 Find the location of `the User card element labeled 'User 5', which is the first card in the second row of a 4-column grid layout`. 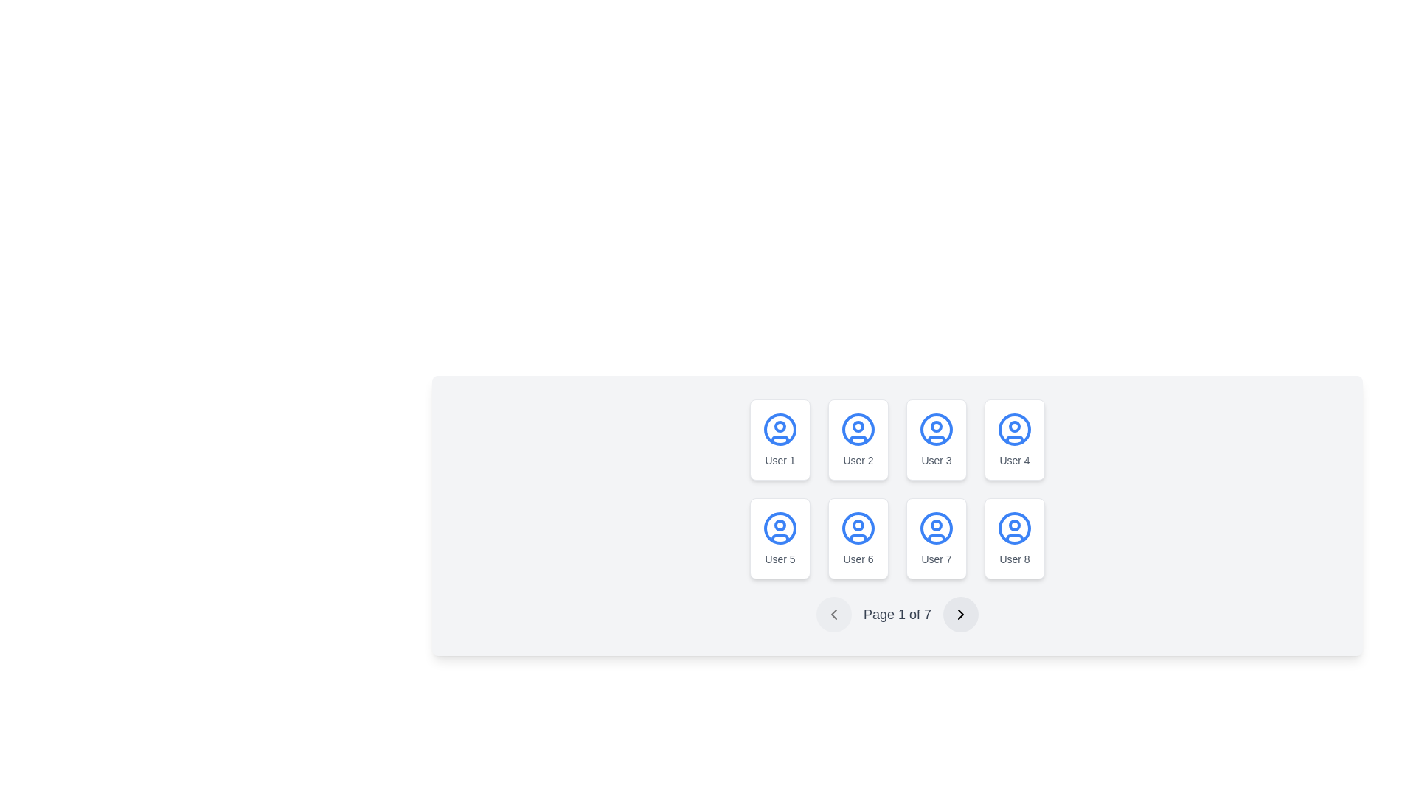

the User card element labeled 'User 5', which is the first card in the second row of a 4-column grid layout is located at coordinates (779, 539).